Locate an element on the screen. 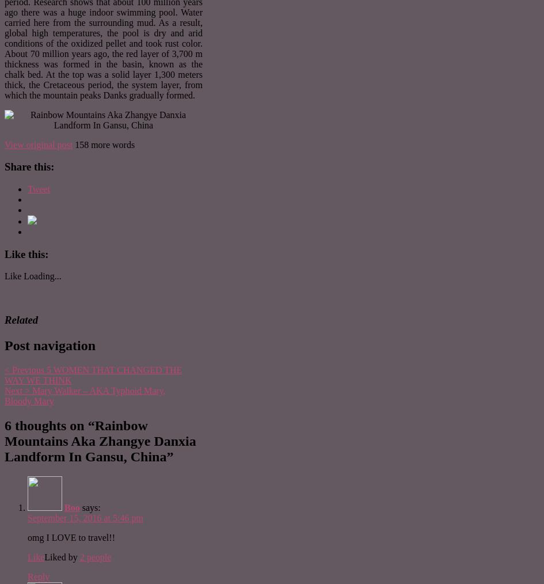  'Rainbow Mountains Aka Zhangye Danxia Landform In Gansu, China' is located at coordinates (100, 440).